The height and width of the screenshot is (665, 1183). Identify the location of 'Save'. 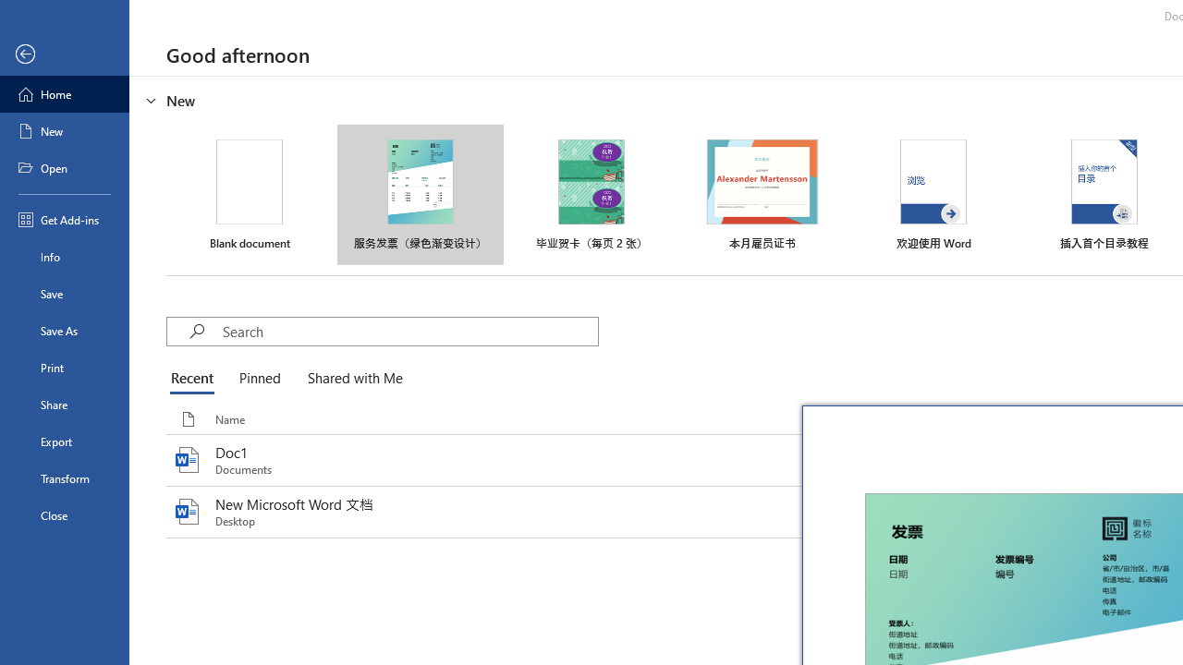
(64, 292).